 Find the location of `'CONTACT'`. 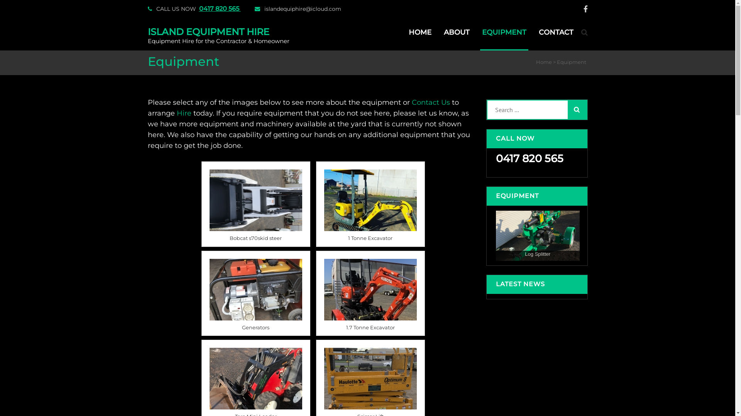

'CONTACT' is located at coordinates (536, 39).